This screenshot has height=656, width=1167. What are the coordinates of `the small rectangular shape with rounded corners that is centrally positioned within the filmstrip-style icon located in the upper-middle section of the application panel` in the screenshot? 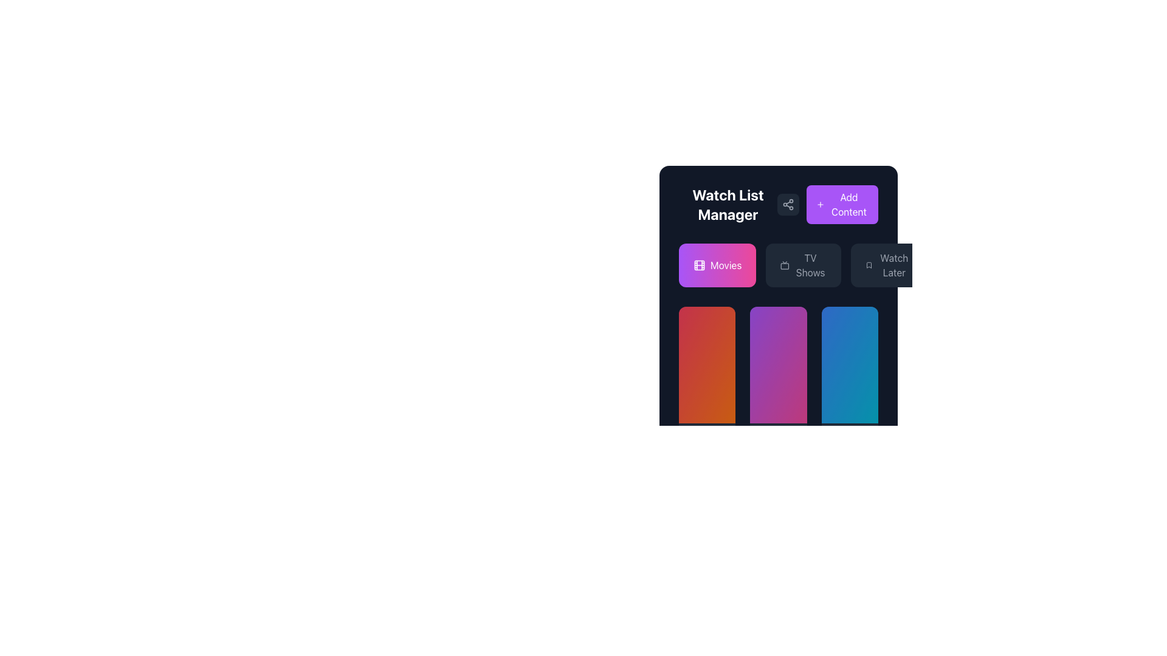 It's located at (700, 264).